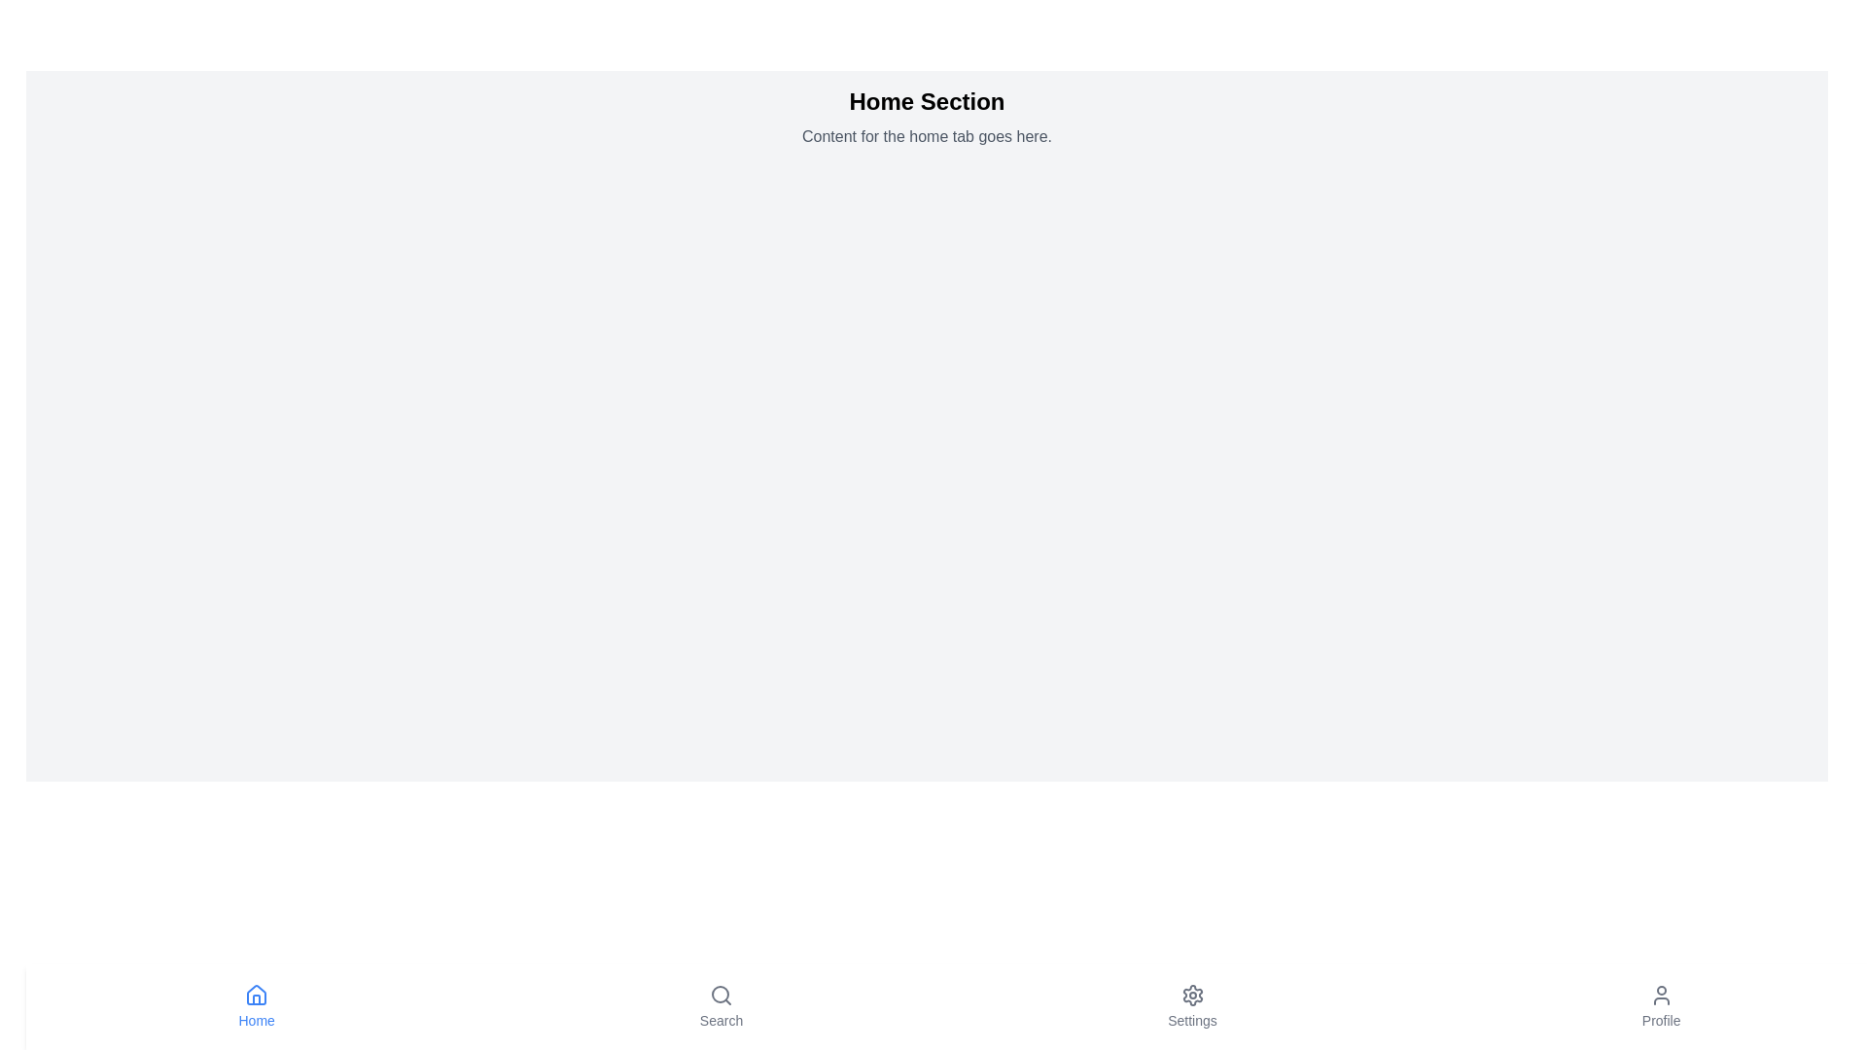 The height and width of the screenshot is (1050, 1867). Describe the element at coordinates (1191, 995) in the screenshot. I see `the settings icon located at the far right end of the bottom navigation bar` at that location.